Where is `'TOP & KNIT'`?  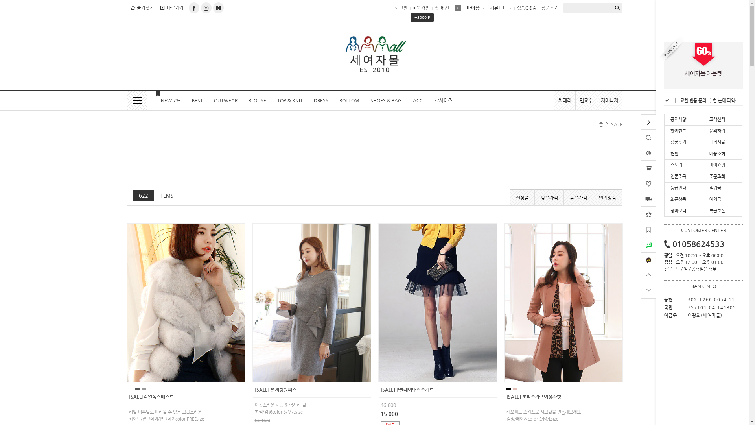 'TOP & KNIT' is located at coordinates (289, 100).